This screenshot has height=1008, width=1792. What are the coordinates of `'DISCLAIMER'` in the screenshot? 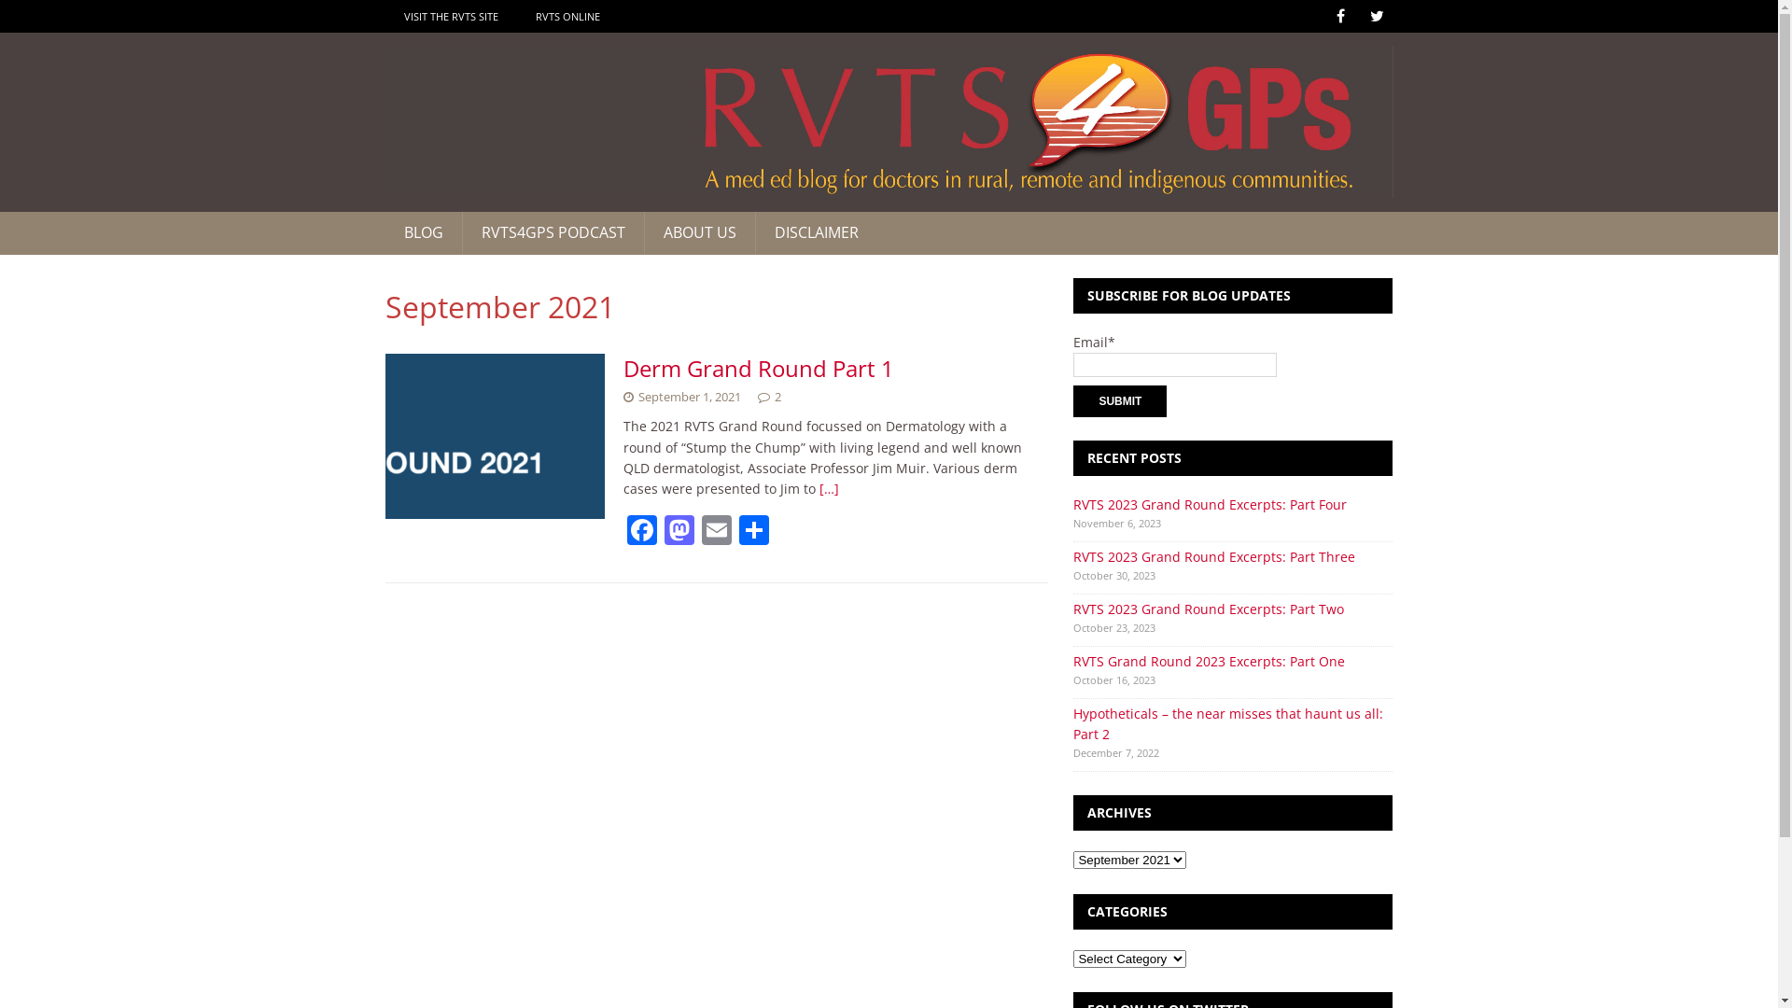 It's located at (815, 232).